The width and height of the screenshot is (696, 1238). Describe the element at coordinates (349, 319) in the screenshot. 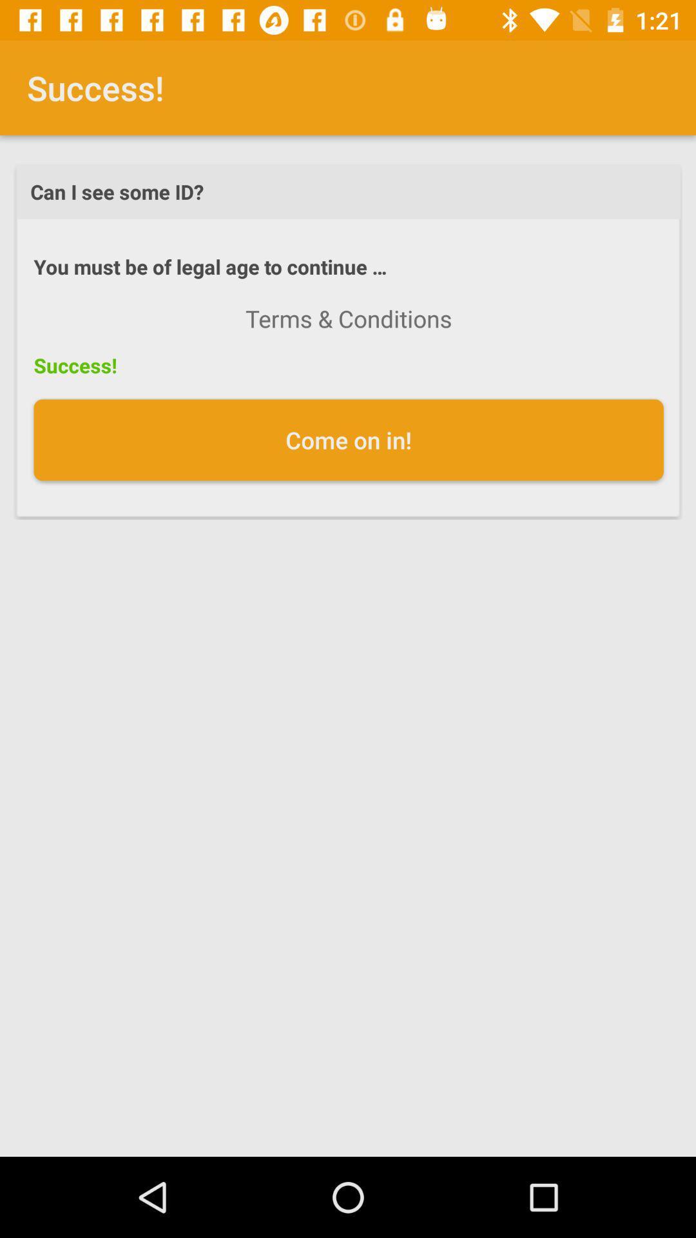

I see `the item next to the success! item` at that location.